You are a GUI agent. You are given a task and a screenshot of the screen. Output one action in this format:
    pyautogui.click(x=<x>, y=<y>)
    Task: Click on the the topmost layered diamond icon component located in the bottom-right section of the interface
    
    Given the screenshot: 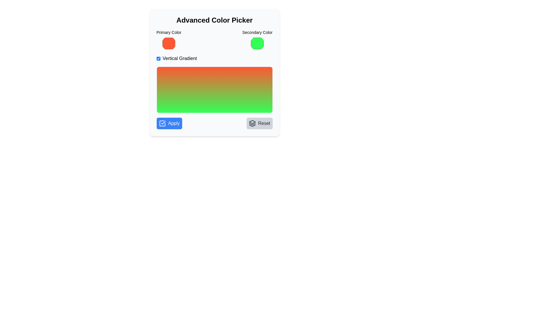 What is the action you would take?
    pyautogui.click(x=252, y=121)
    